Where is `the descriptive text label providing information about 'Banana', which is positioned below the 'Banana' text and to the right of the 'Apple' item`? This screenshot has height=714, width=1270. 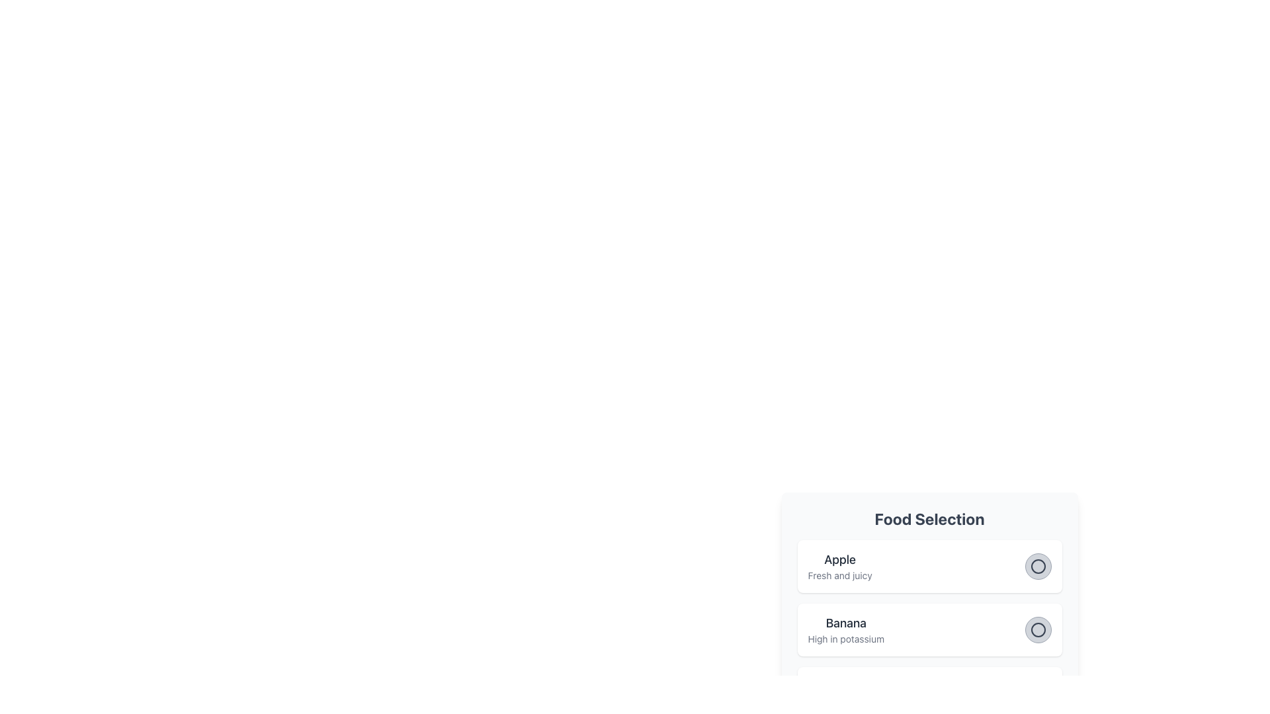
the descriptive text label providing information about 'Banana', which is positioned below the 'Banana' text and to the right of the 'Apple' item is located at coordinates (845, 639).